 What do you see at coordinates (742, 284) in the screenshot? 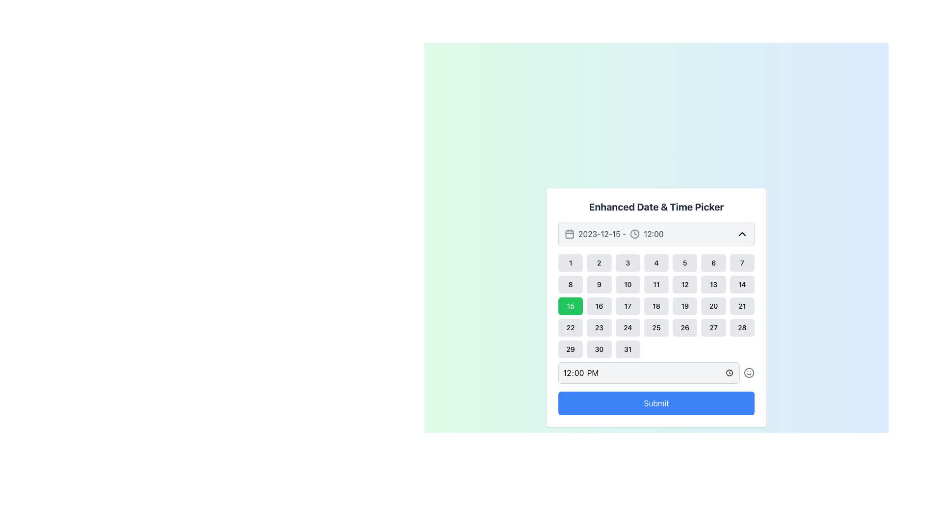
I see `the selectable item representing the 14th day of the month in the Enhanced Date & Time Picker grid` at bounding box center [742, 284].